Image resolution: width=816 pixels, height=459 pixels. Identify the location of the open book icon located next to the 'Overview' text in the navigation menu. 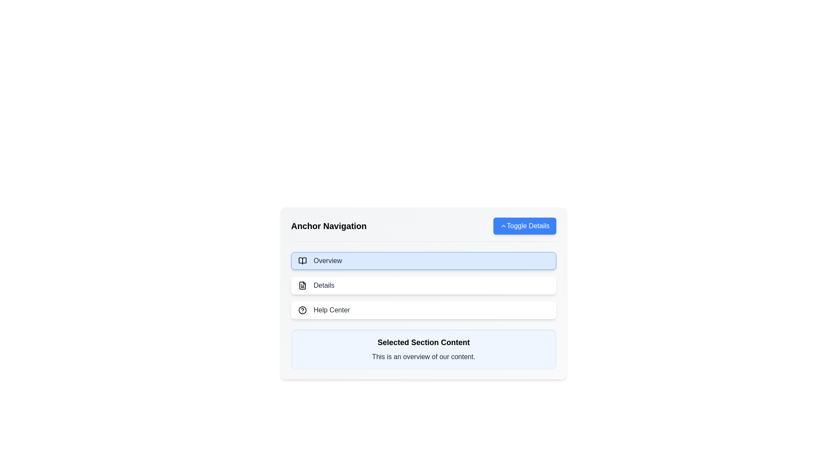
(302, 260).